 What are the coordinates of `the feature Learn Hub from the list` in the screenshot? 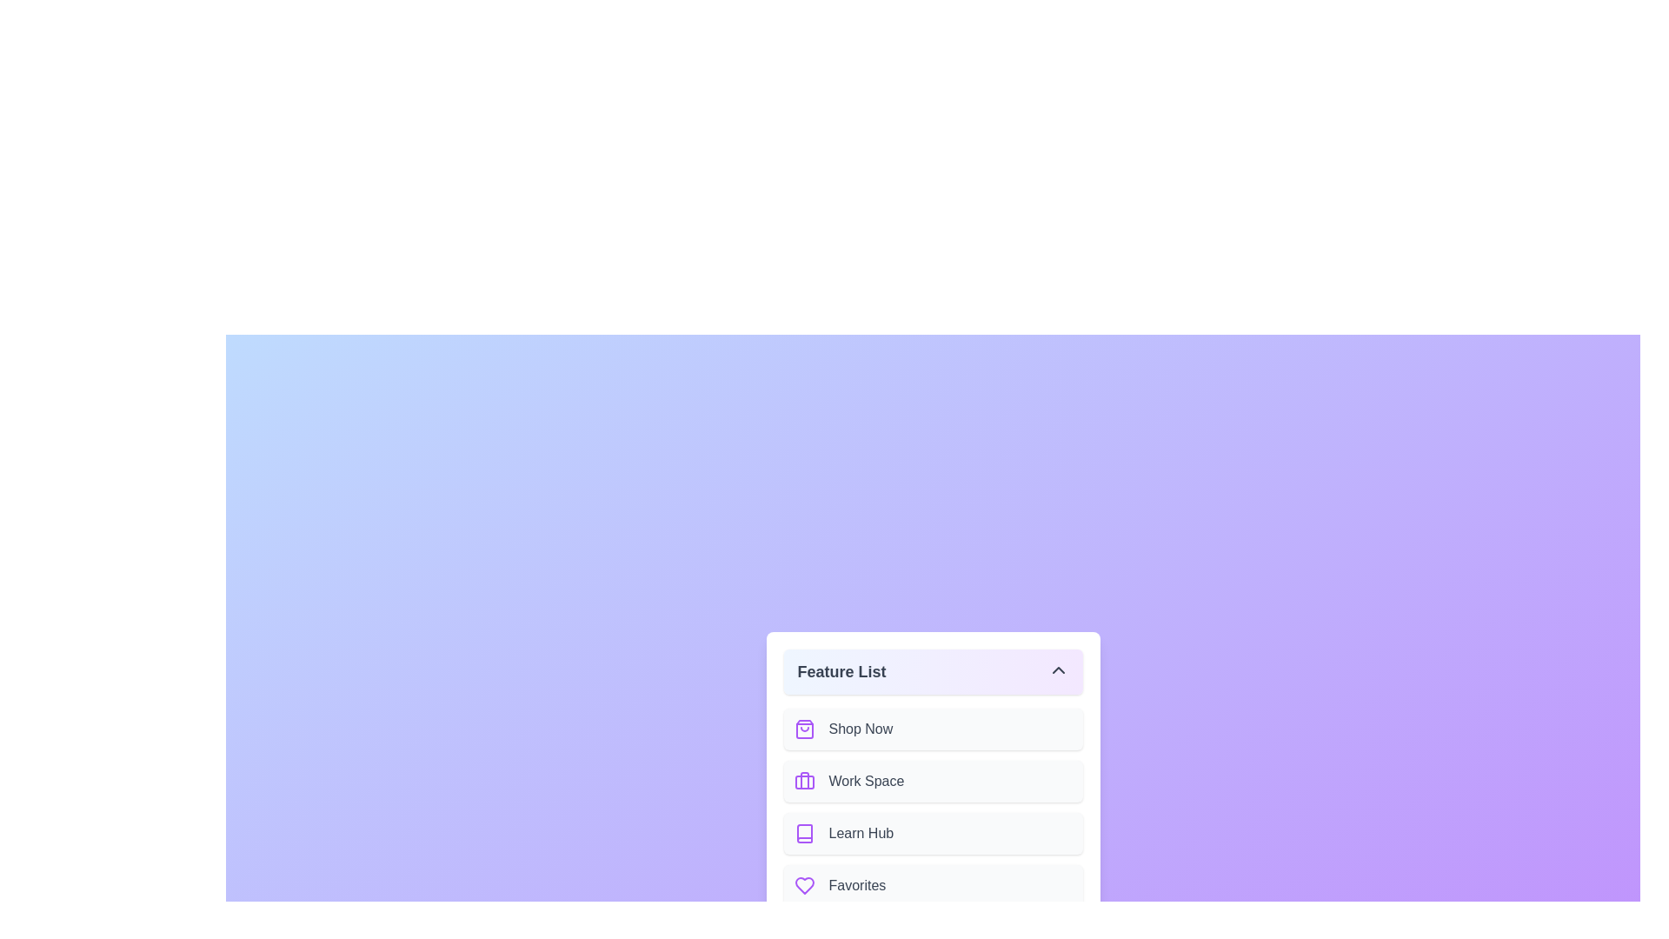 It's located at (932, 833).